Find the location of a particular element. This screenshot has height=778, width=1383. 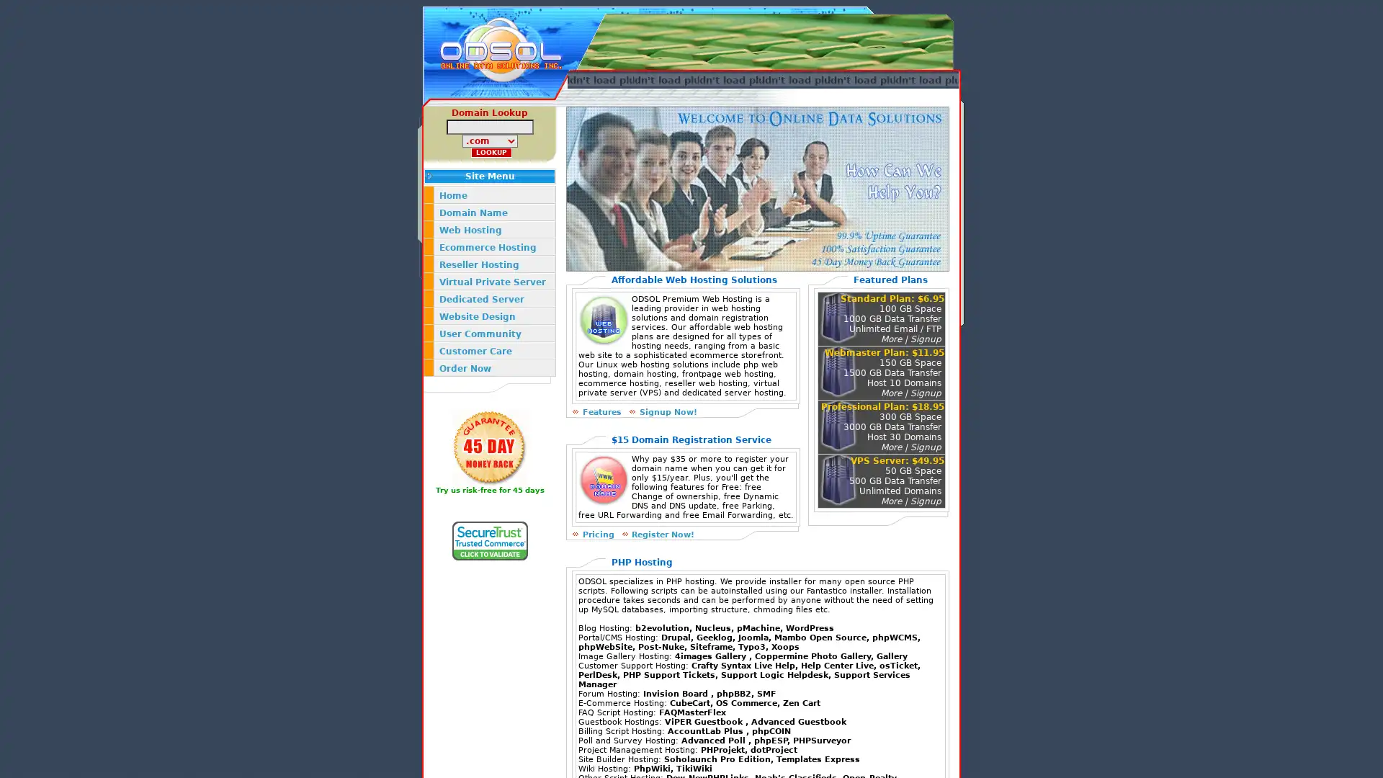

LOOKUP is located at coordinates (491, 153).